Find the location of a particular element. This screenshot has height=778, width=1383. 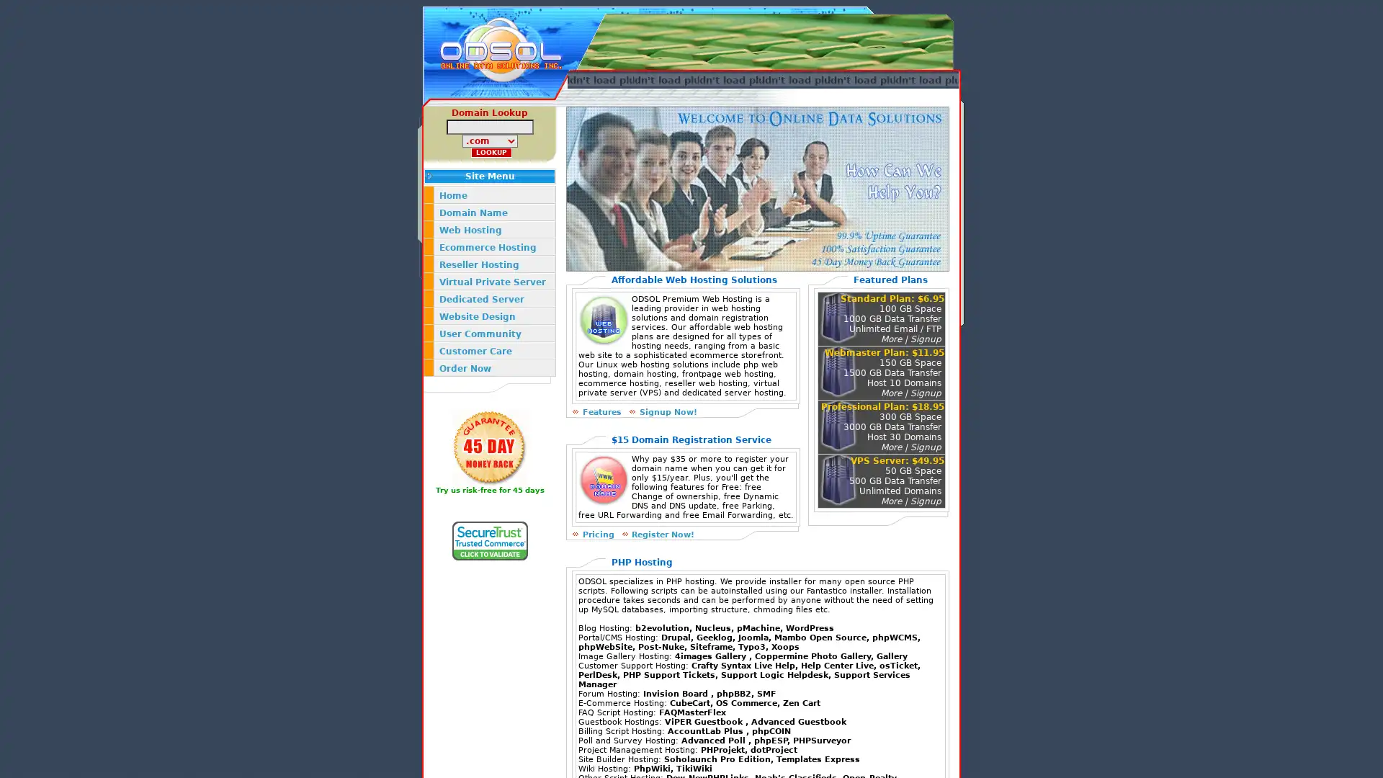

LOOKUP is located at coordinates (491, 153).